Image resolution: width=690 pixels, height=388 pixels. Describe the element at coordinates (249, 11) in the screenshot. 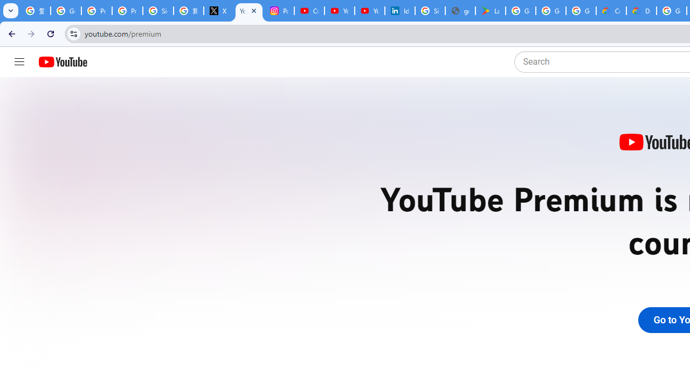

I see `'YouTube Premium - YouTube'` at that location.